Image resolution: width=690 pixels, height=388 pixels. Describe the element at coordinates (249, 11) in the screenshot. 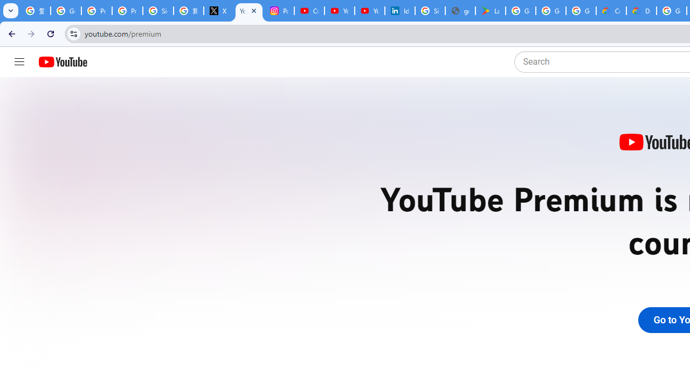

I see `'YouTube Premium - YouTube'` at that location.